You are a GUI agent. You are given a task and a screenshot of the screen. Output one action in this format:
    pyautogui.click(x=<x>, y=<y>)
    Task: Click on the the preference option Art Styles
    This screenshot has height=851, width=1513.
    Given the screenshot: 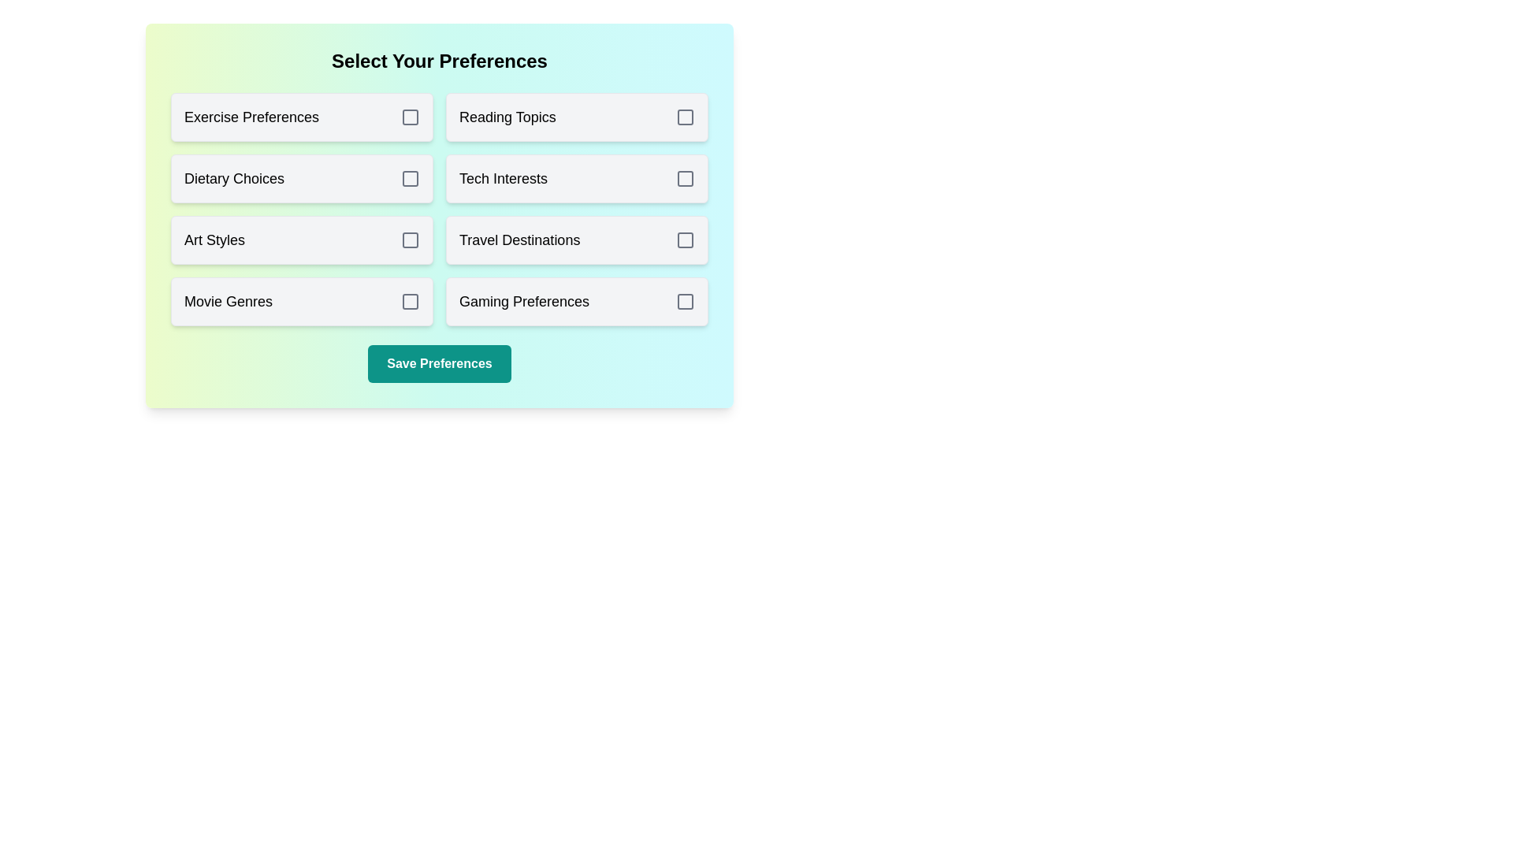 What is the action you would take?
    pyautogui.click(x=302, y=240)
    